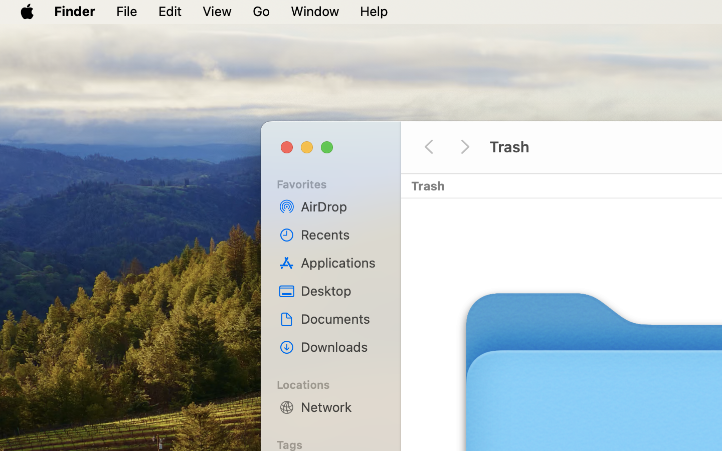  Describe the element at coordinates (341, 319) in the screenshot. I see `'Documents'` at that location.